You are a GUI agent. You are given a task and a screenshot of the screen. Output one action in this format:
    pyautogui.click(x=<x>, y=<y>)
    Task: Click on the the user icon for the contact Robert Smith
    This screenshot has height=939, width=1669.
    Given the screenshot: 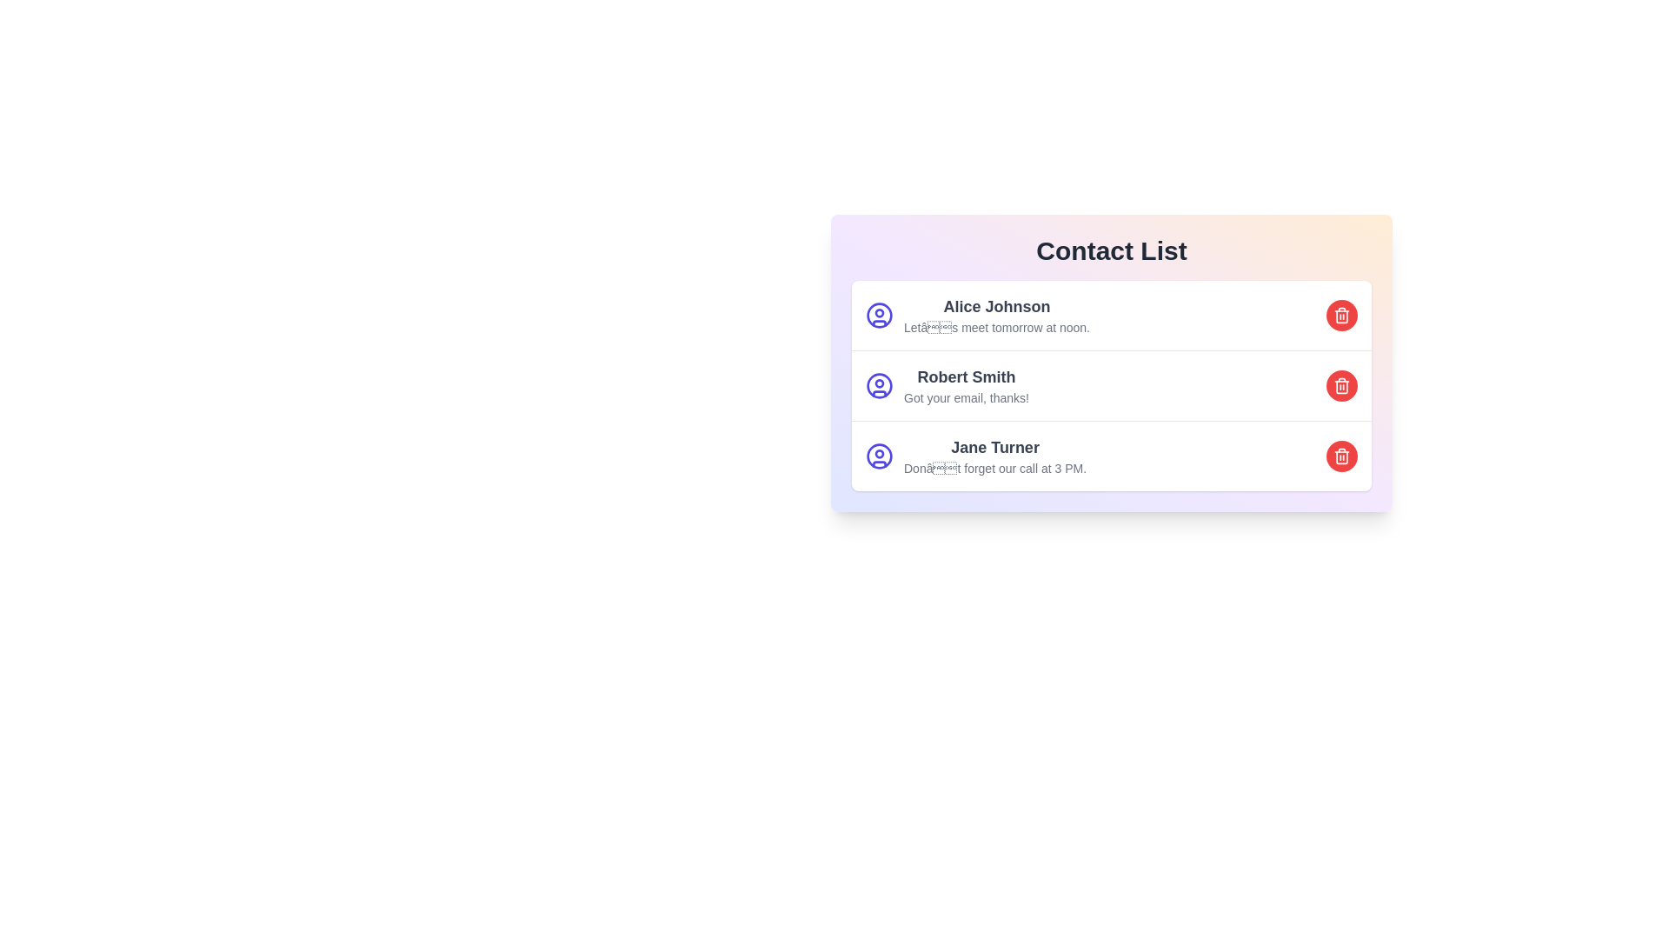 What is the action you would take?
    pyautogui.click(x=880, y=384)
    